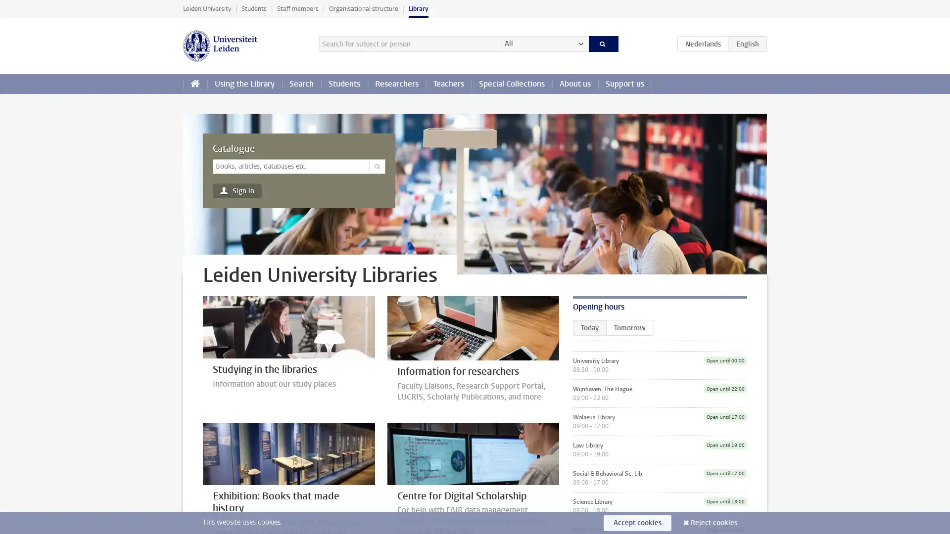 The image size is (950, 534). What do you see at coordinates (714, 522) in the screenshot?
I see `Reject cookies` at bounding box center [714, 522].